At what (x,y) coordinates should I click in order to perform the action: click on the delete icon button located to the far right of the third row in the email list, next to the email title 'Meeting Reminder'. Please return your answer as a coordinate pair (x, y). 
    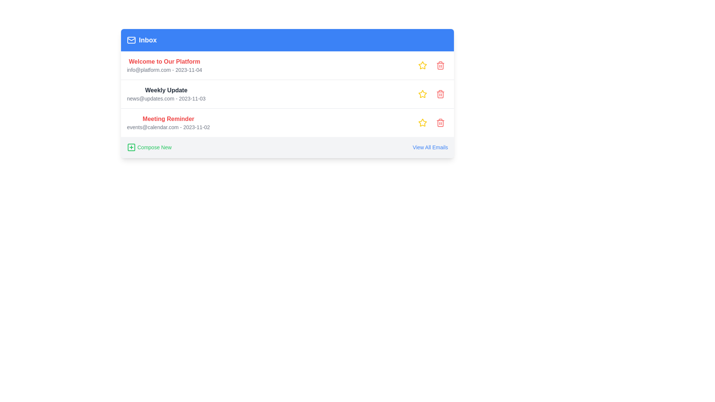
    Looking at the image, I should click on (440, 94).